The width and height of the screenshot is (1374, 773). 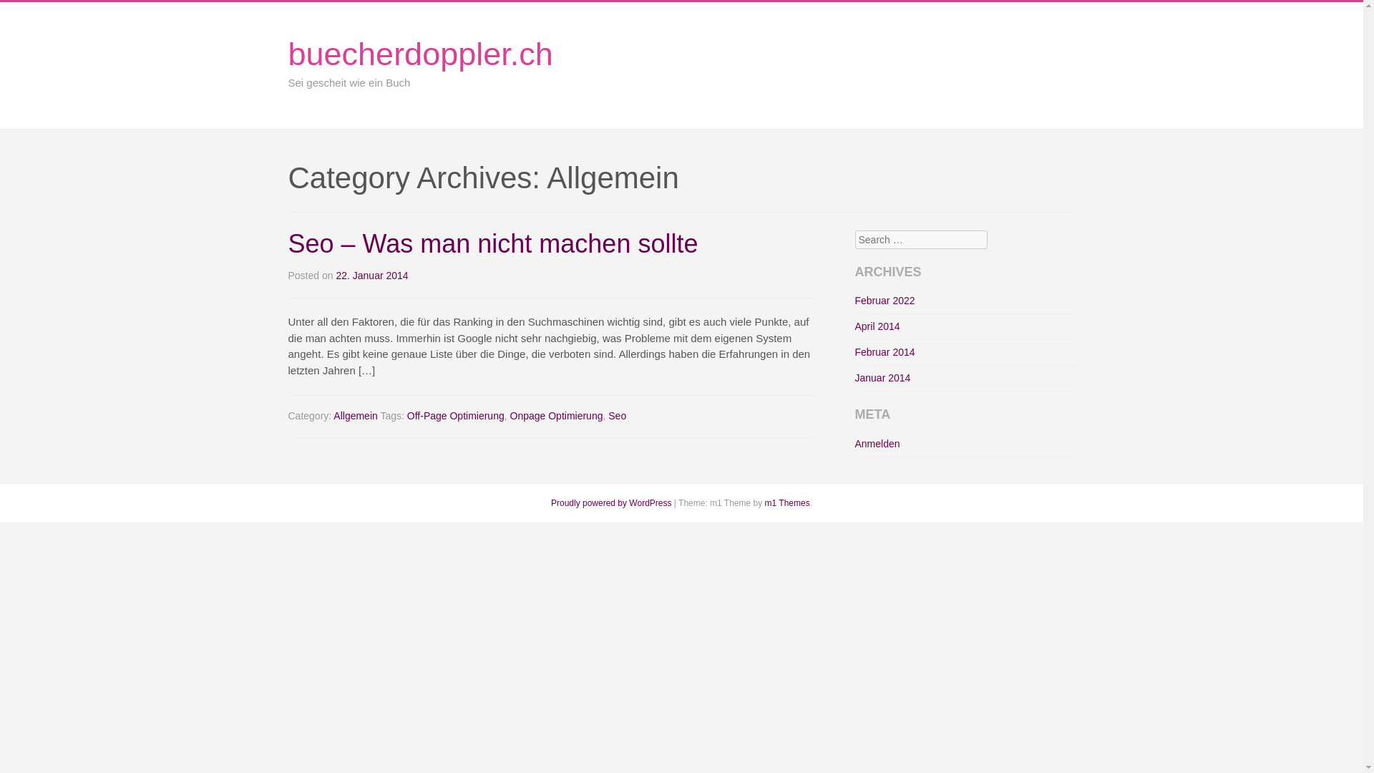 What do you see at coordinates (786, 502) in the screenshot?
I see `'m1 Themes'` at bounding box center [786, 502].